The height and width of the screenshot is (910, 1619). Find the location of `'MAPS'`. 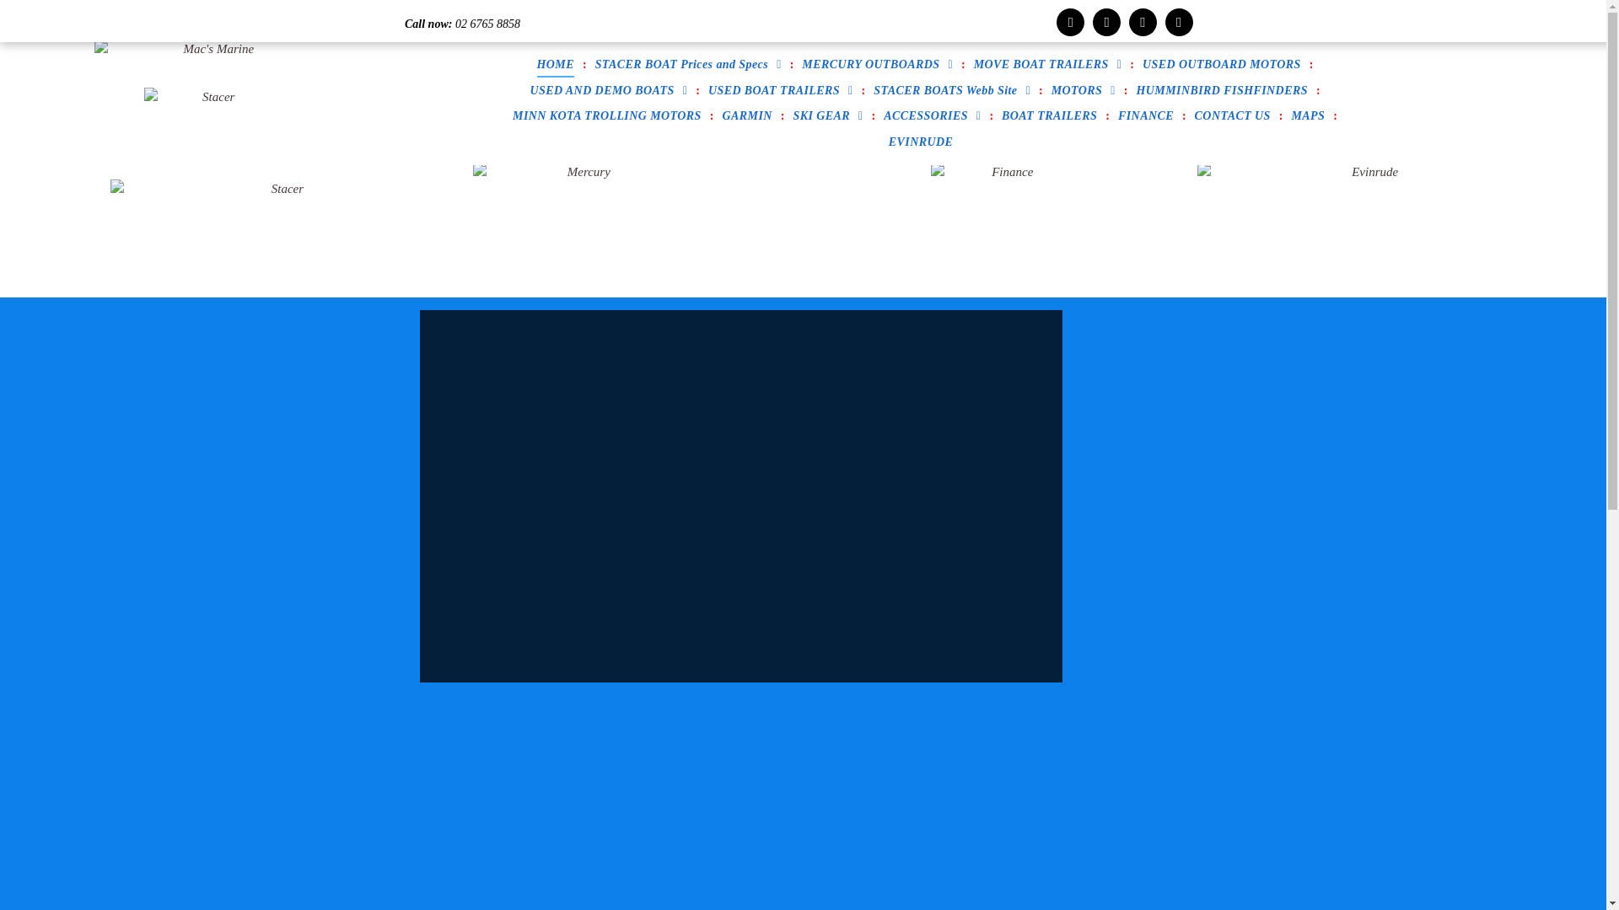

'MAPS' is located at coordinates (1306, 115).